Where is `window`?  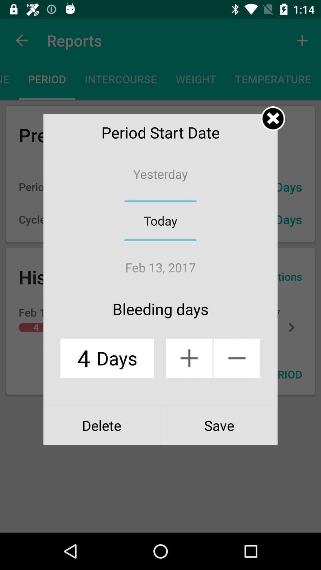 window is located at coordinates (273, 118).